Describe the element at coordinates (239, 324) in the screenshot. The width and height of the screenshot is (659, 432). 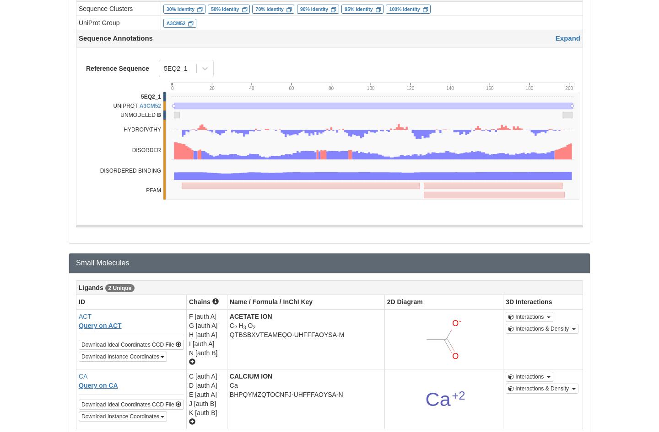
I see `'H'` at that location.